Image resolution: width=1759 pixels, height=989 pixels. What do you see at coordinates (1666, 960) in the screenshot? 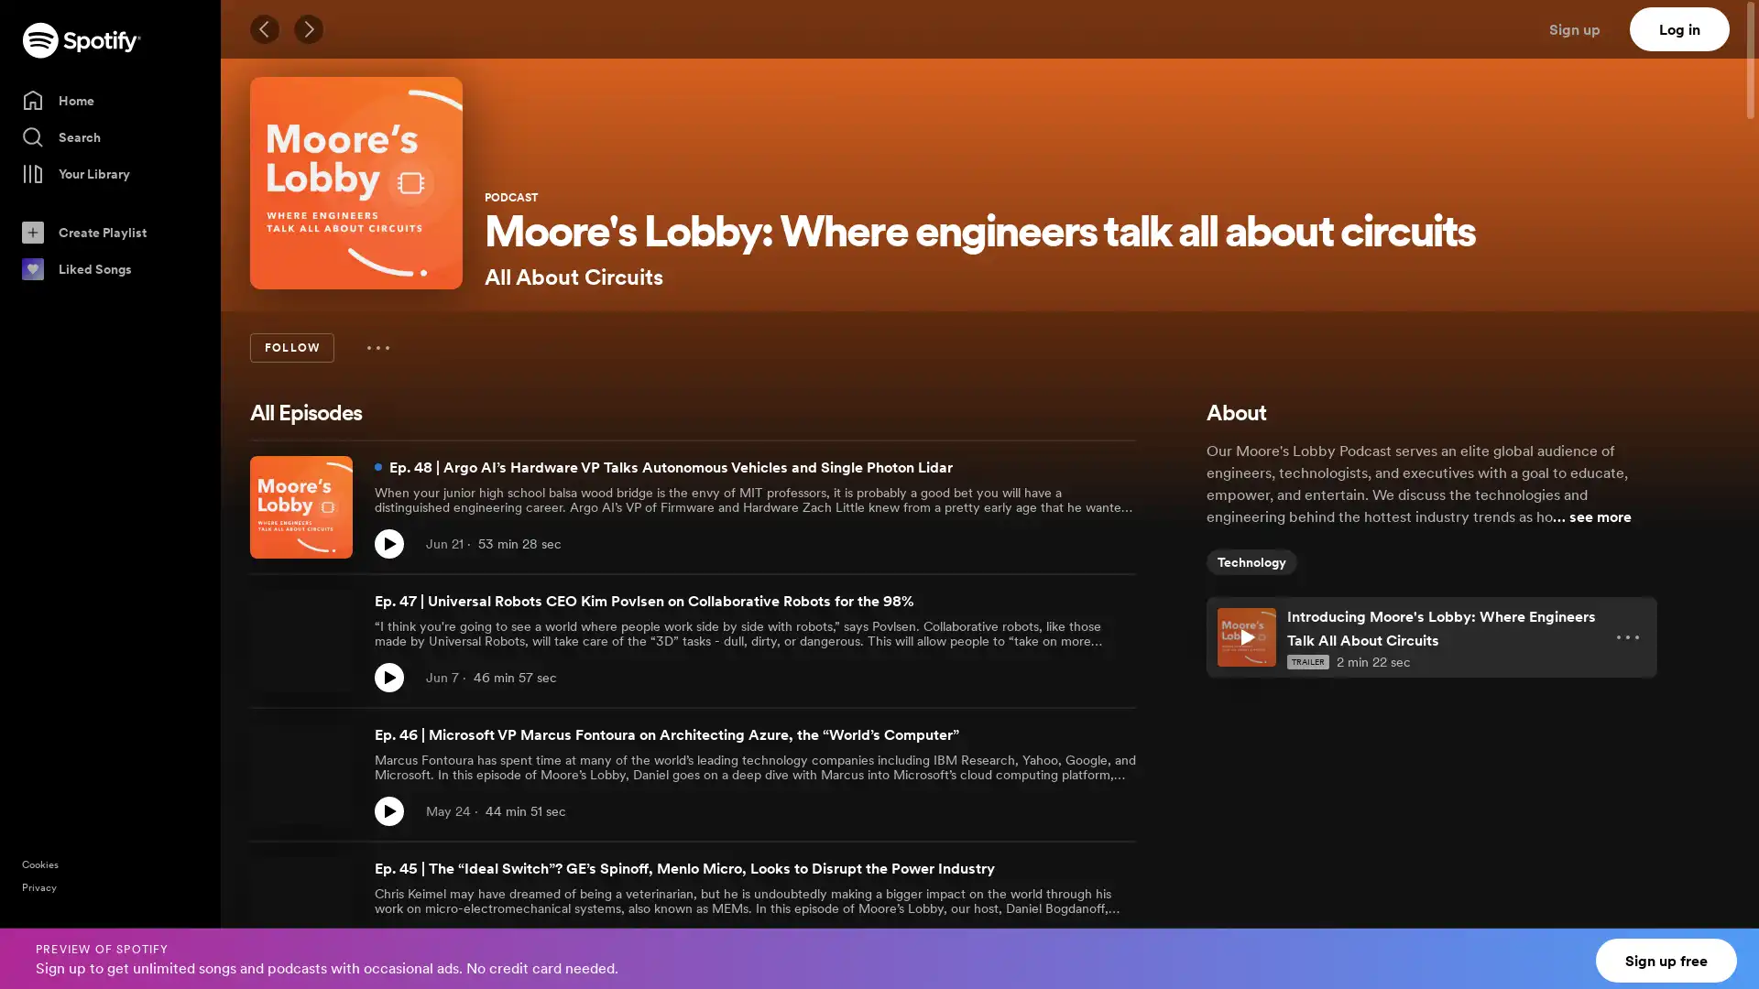
I see `Sign up free` at bounding box center [1666, 960].